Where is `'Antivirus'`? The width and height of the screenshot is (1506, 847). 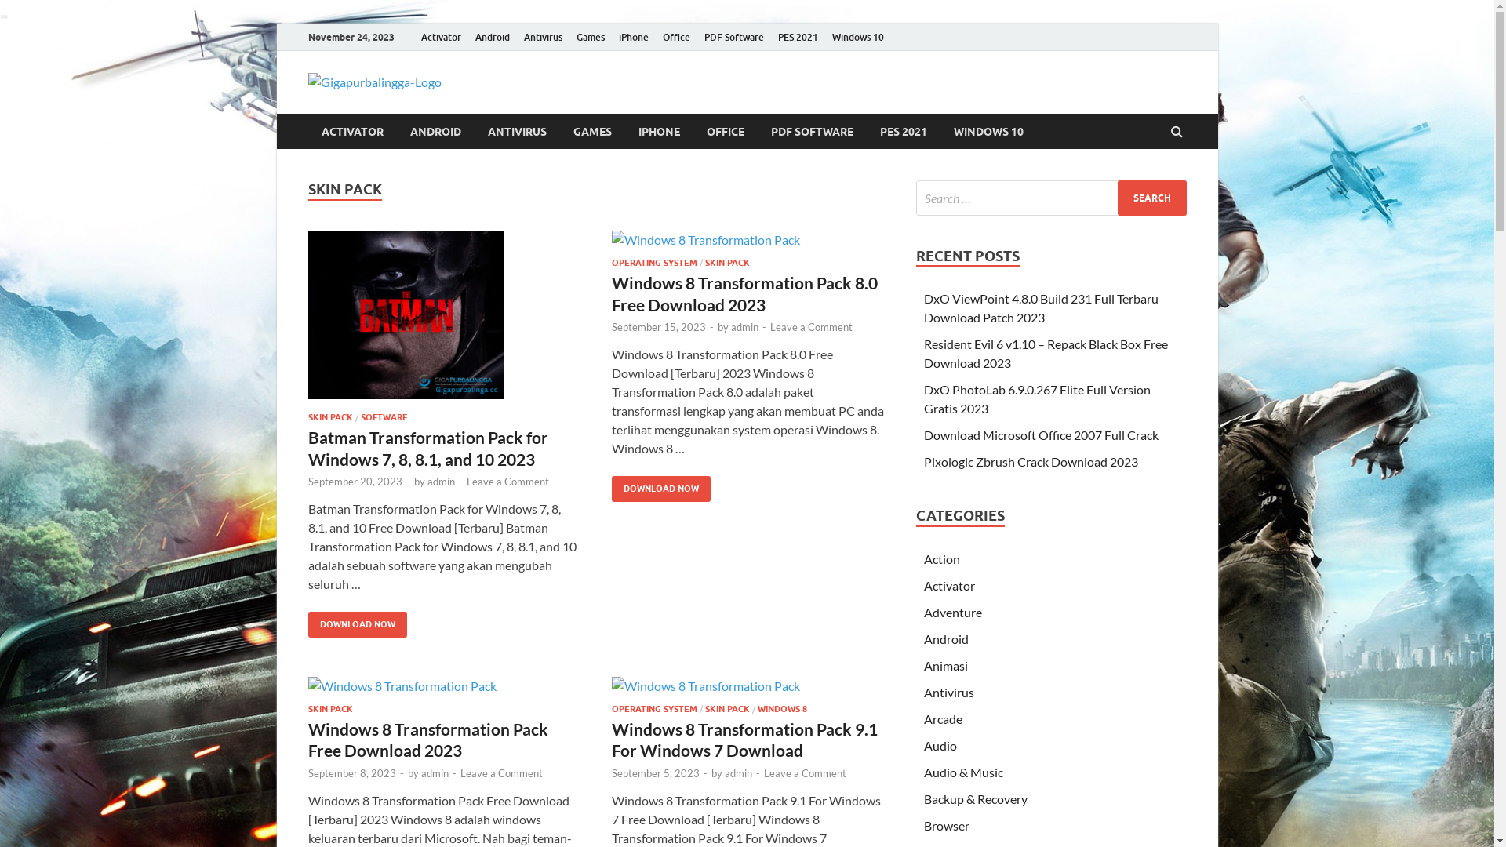
'Antivirus' is located at coordinates (515, 36).